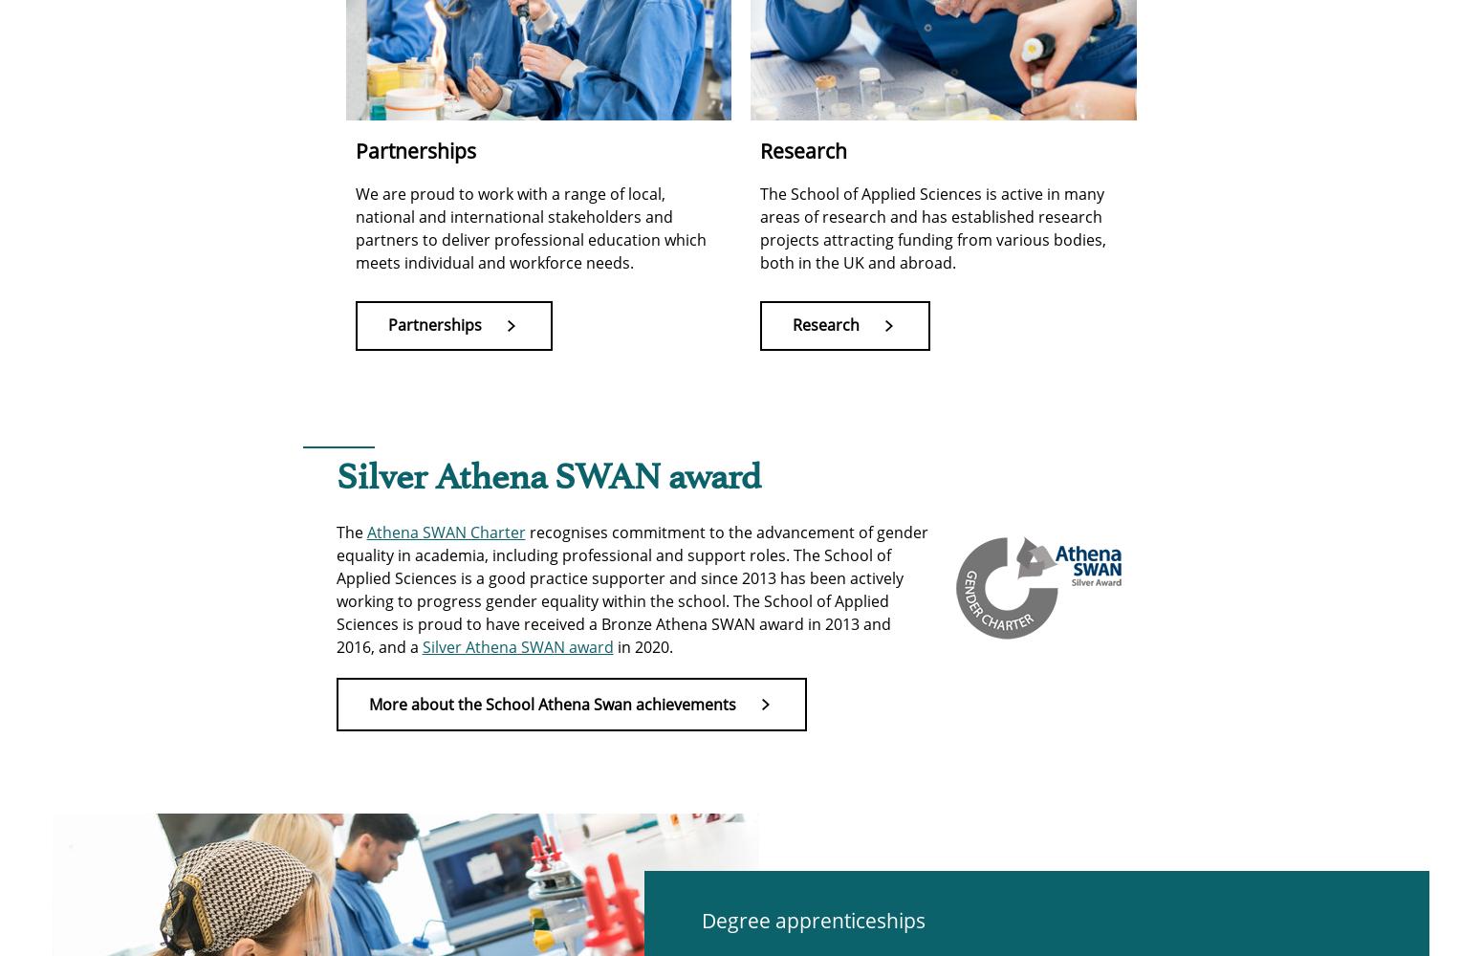 This screenshot has height=956, width=1482. Describe the element at coordinates (445, 532) in the screenshot. I see `'Athena SWAN Charter'` at that location.